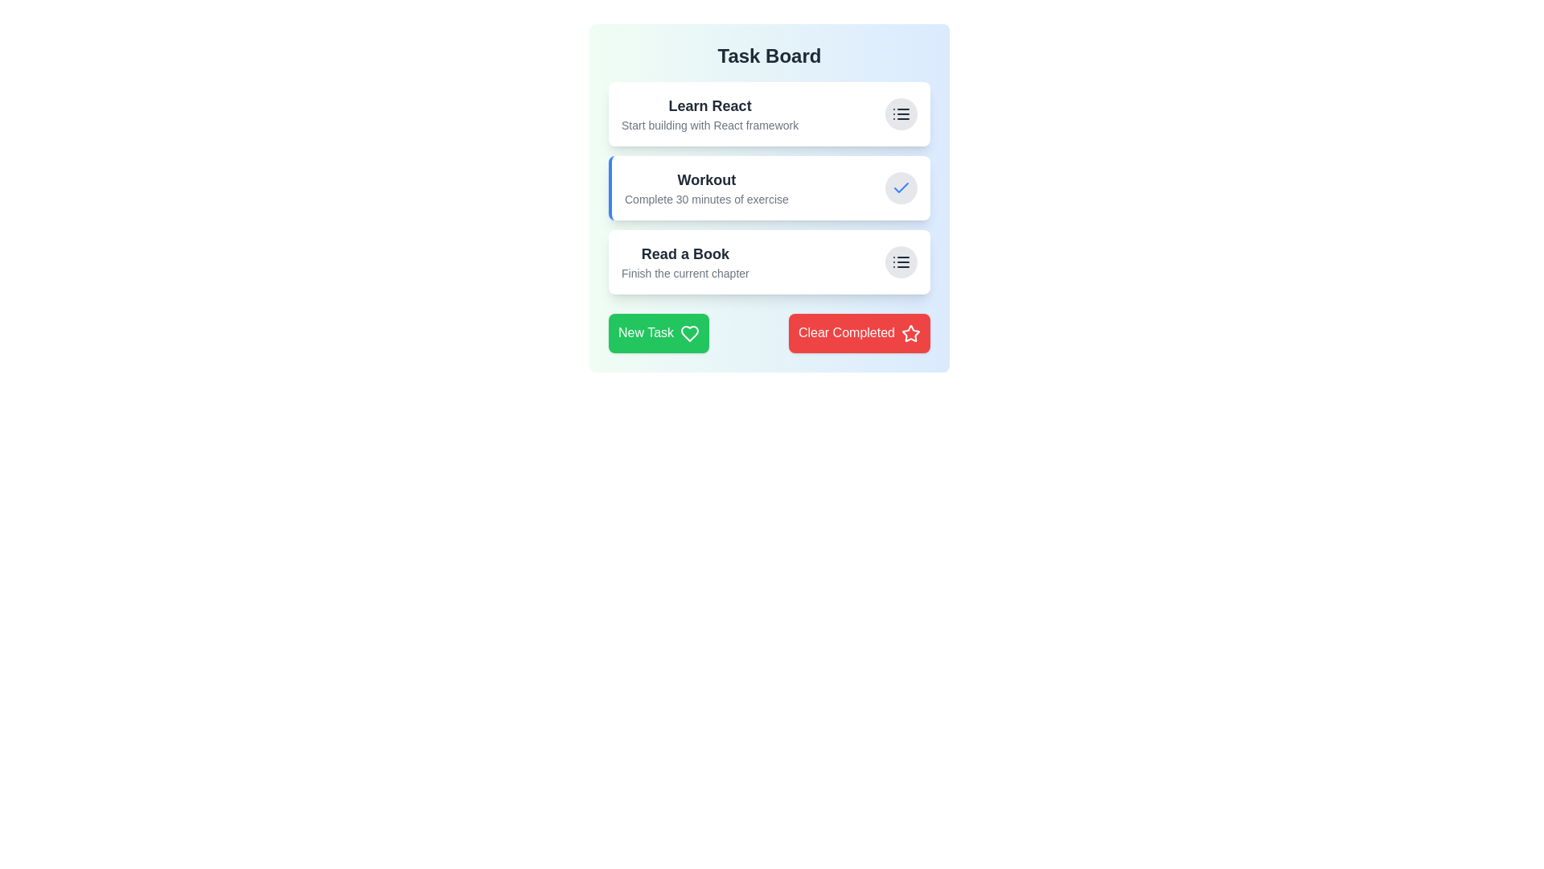 This screenshot has width=1544, height=869. I want to click on 'Clear Completed' button to remove completed tasks, so click(858, 332).